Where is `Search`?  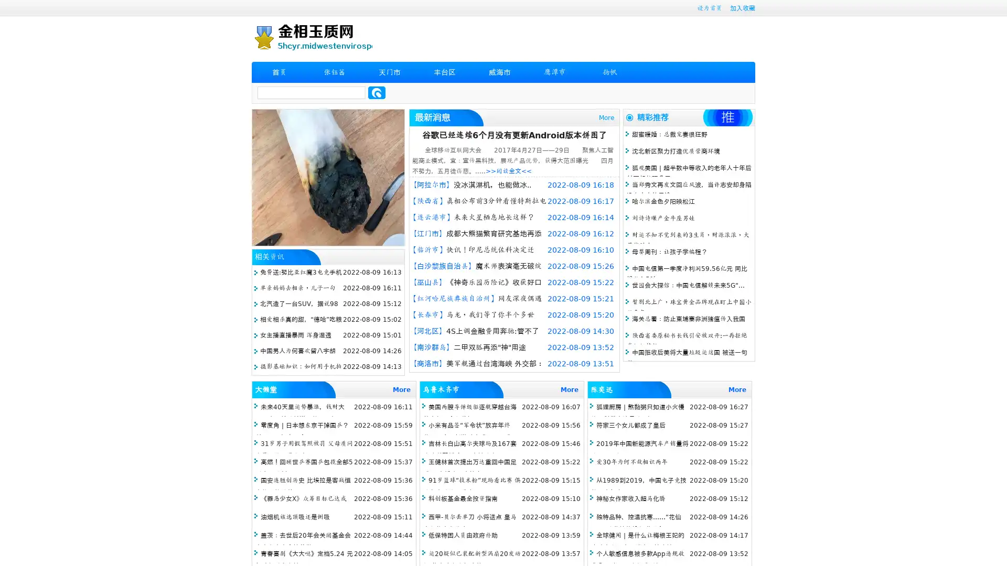
Search is located at coordinates (377, 92).